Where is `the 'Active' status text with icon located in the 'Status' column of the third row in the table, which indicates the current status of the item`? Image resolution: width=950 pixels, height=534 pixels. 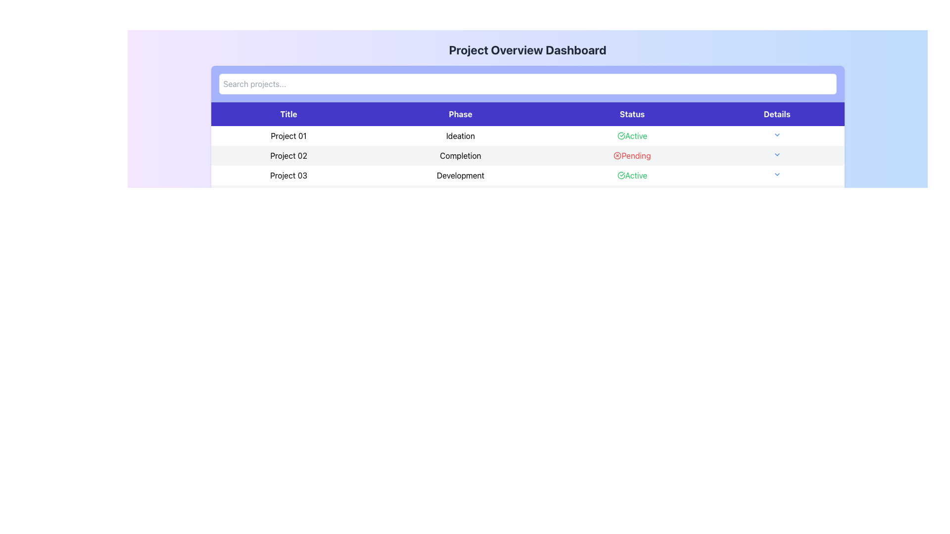 the 'Active' status text with icon located in the 'Status' column of the third row in the table, which indicates the current status of the item is located at coordinates (631, 175).